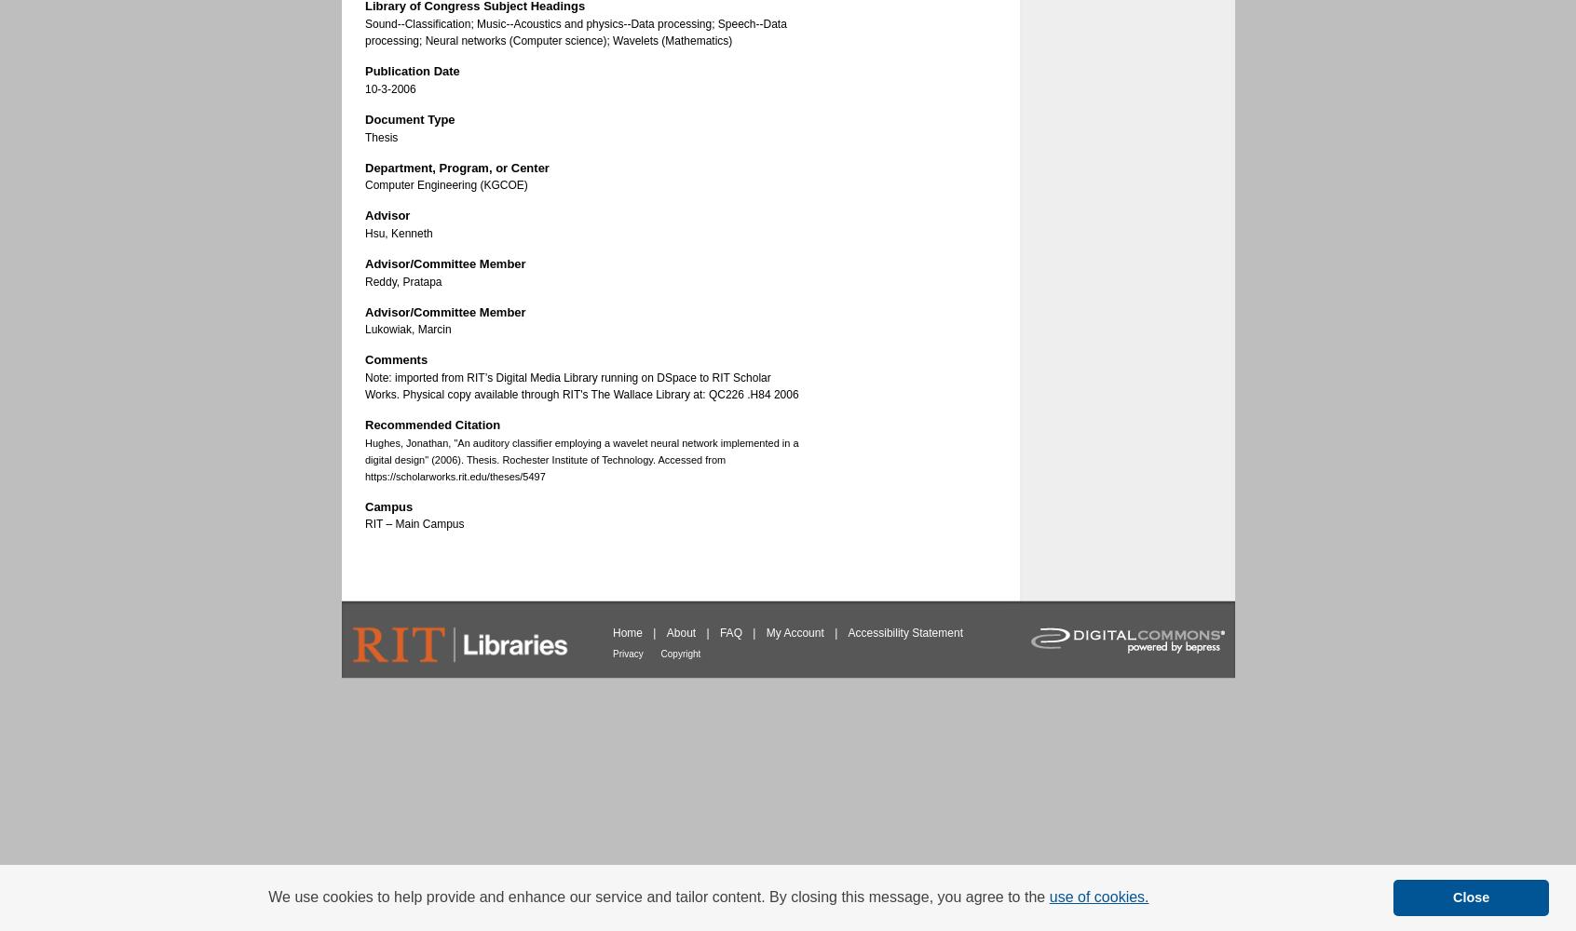 The height and width of the screenshot is (931, 1576). What do you see at coordinates (408, 118) in the screenshot?
I see `'Document Type'` at bounding box center [408, 118].